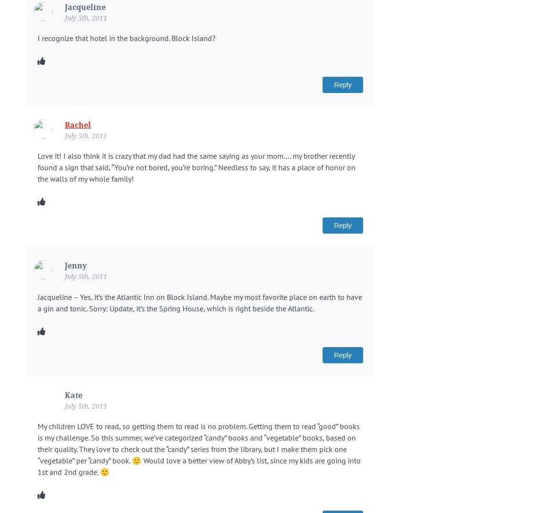  Describe the element at coordinates (73, 394) in the screenshot. I see `'Kate'` at that location.